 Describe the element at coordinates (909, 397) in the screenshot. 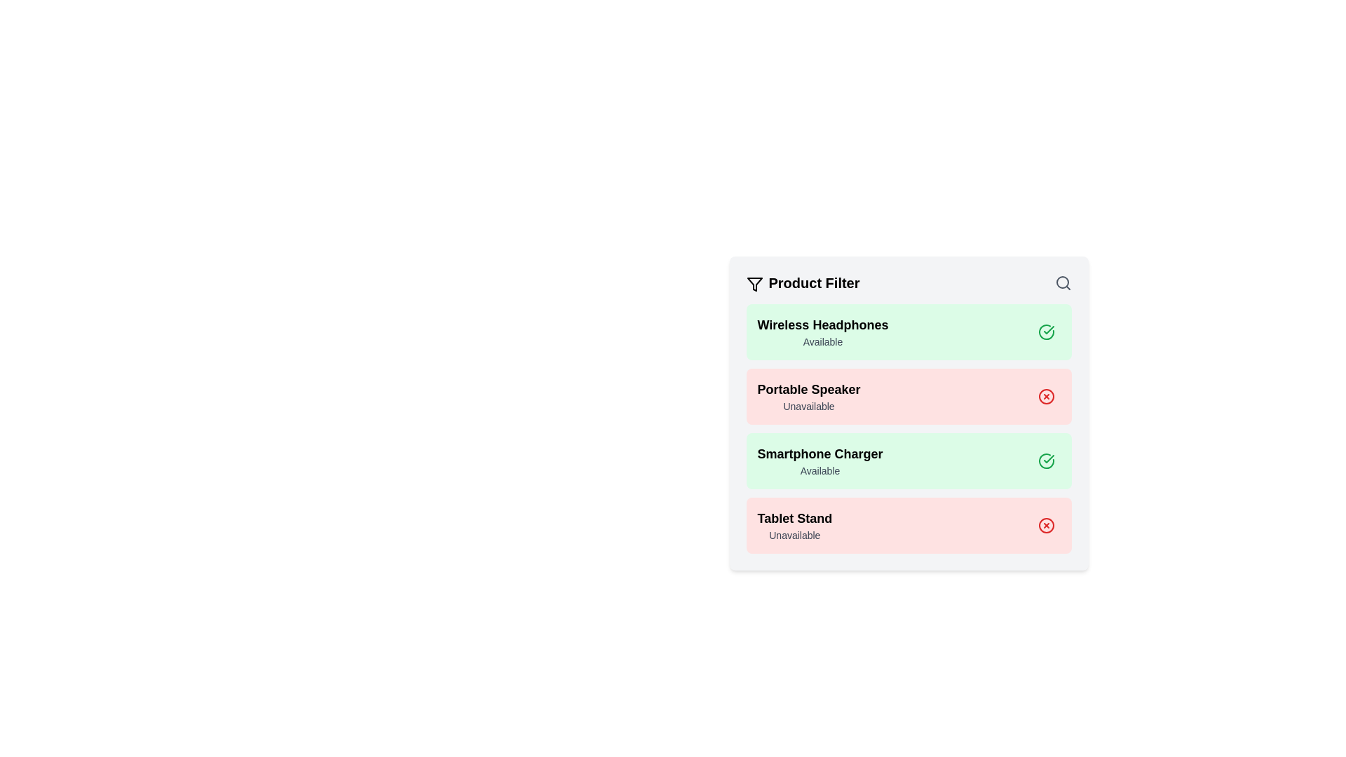

I see `the second card in the product list titled 'Product Filter', which represents the unavailable product 'Portable Speaker'` at that location.